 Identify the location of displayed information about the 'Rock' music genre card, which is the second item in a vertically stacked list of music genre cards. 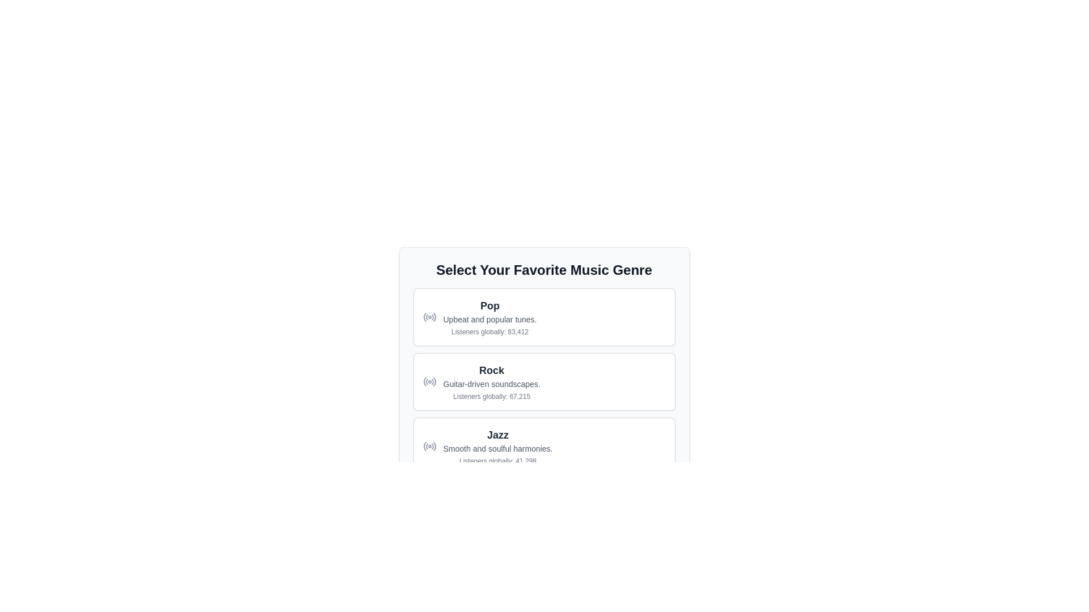
(543, 382).